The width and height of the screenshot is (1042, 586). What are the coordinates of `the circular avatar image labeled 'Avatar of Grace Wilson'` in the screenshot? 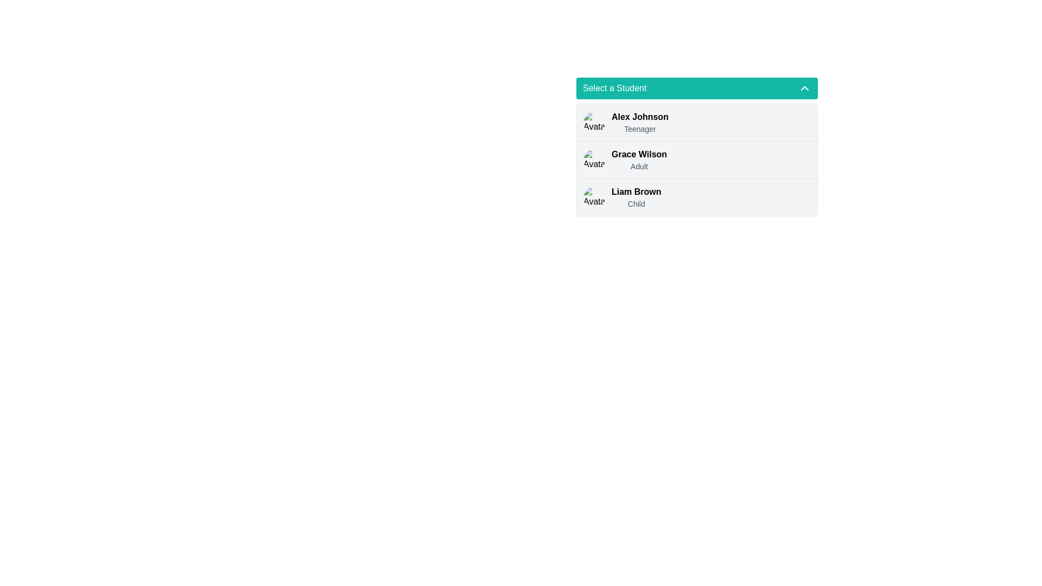 It's located at (593, 160).